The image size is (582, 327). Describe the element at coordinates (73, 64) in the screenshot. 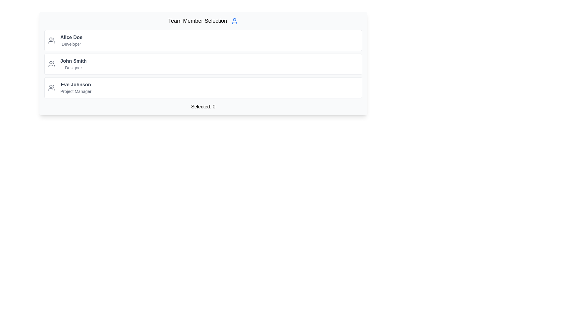

I see `the text-based informational display that shows a team member's name and role, positioned between 'Alice Doe Developer' and 'Eve Johnson Project Manager'` at that location.